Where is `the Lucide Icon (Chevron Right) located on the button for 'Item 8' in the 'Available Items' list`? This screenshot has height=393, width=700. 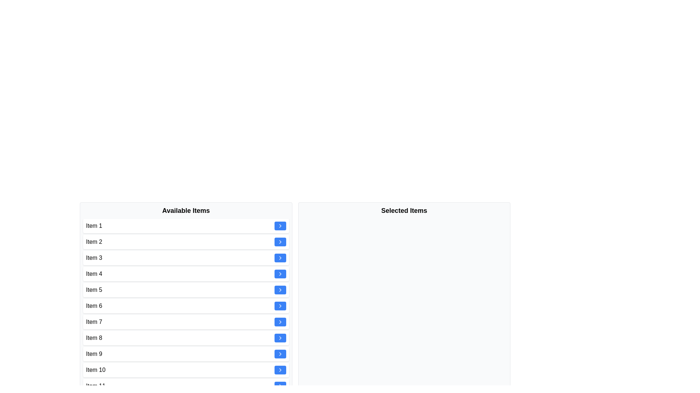 the Lucide Icon (Chevron Right) located on the button for 'Item 8' in the 'Available Items' list is located at coordinates (280, 321).